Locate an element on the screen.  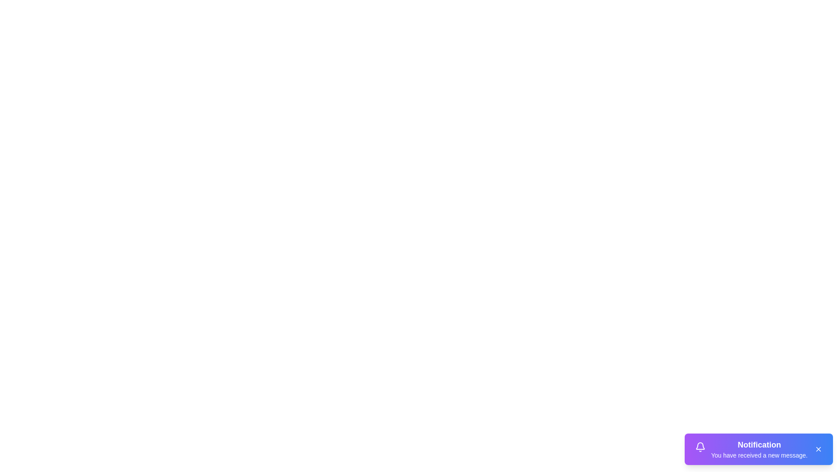
the notification component is located at coordinates (758, 449).